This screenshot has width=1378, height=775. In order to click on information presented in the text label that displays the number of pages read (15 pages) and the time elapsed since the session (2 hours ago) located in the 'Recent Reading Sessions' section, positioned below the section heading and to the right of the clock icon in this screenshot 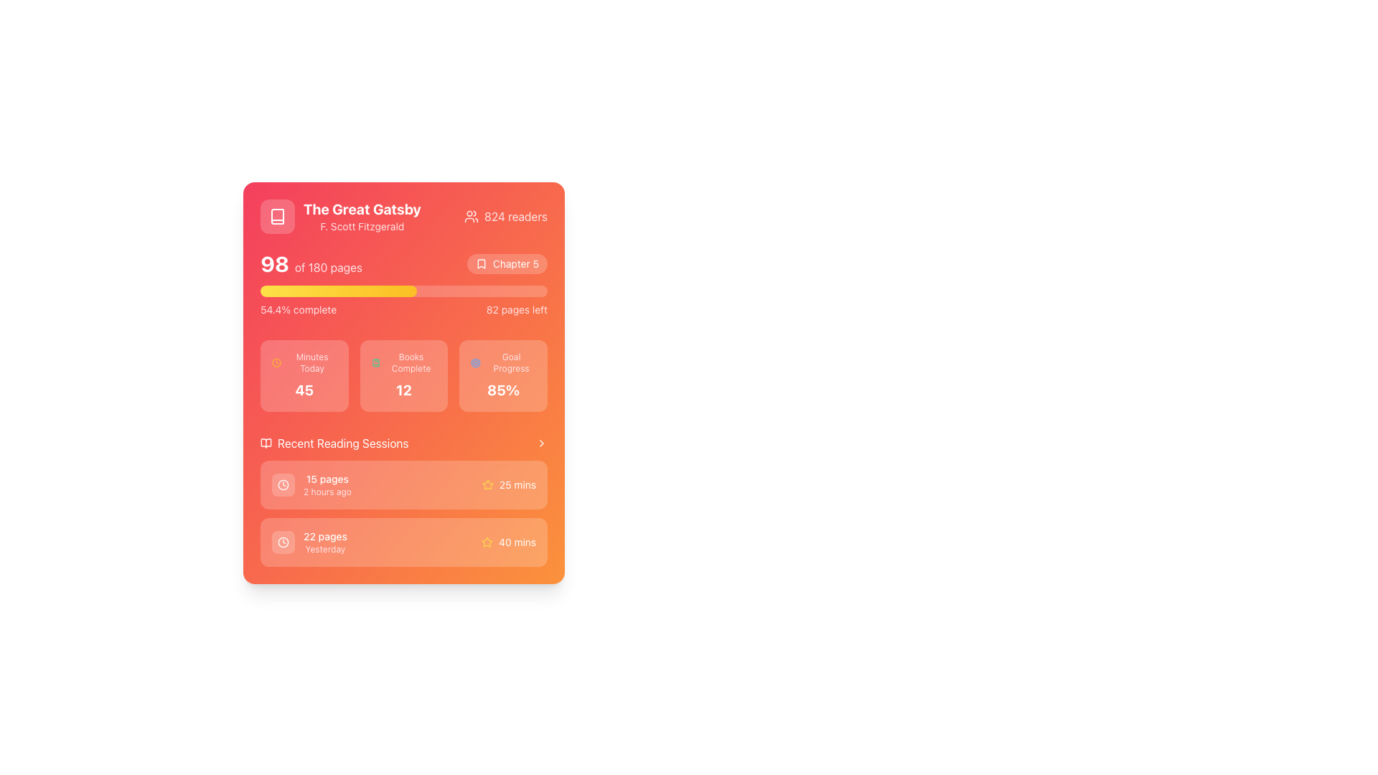, I will do `click(327, 484)`.